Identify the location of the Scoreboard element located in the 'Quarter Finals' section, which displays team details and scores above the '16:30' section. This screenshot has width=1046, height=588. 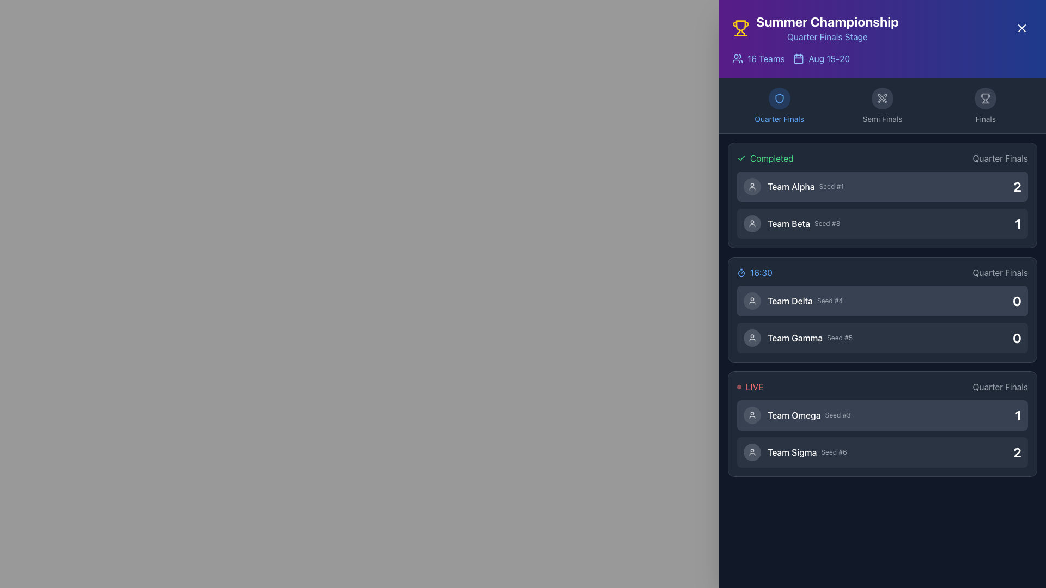
(883, 205).